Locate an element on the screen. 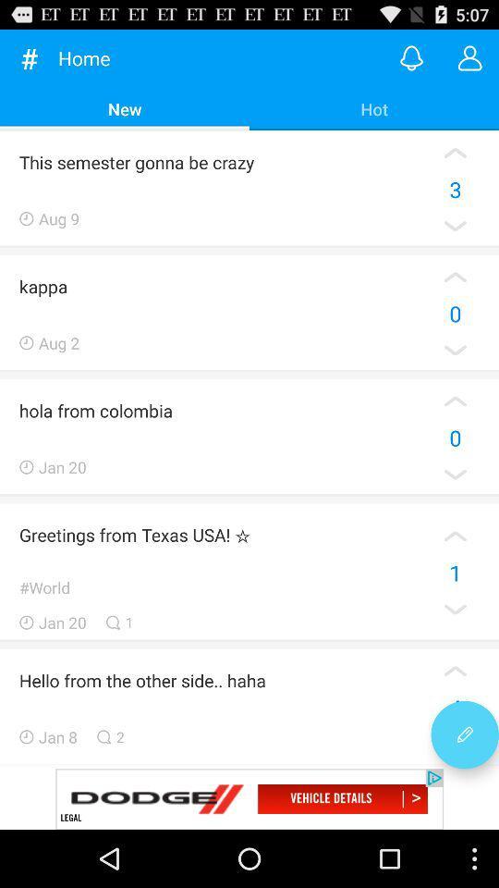 The height and width of the screenshot is (888, 499). the avatar icon is located at coordinates (469, 62).